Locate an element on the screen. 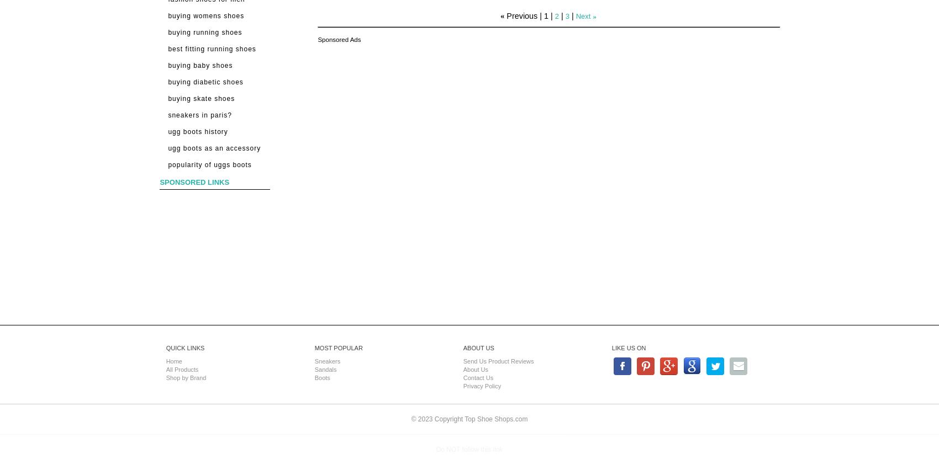  'Popularity of UGGs Boots' is located at coordinates (209, 164).